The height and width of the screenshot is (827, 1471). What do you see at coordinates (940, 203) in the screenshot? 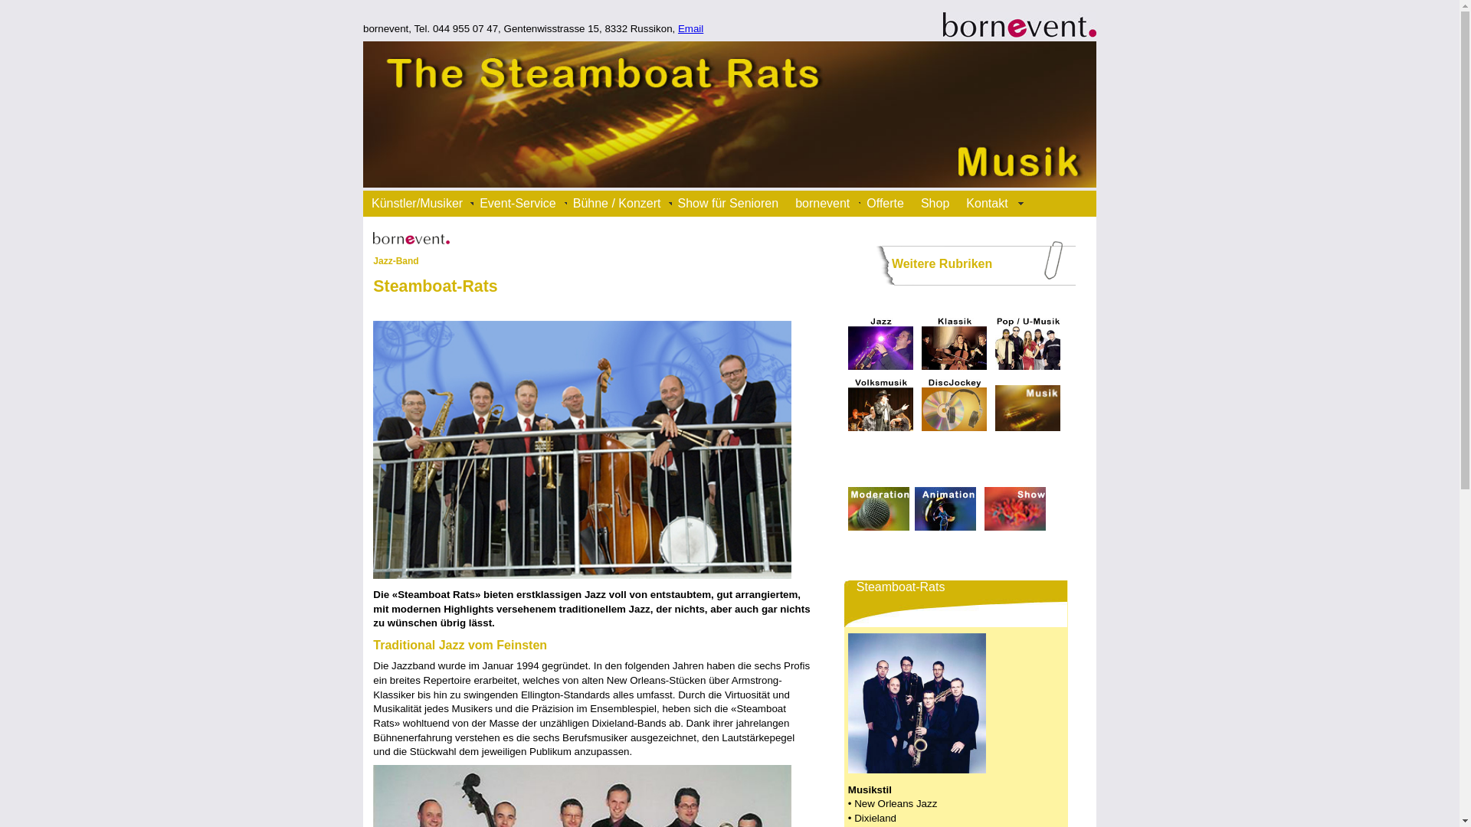
I see `'Shop'` at bounding box center [940, 203].